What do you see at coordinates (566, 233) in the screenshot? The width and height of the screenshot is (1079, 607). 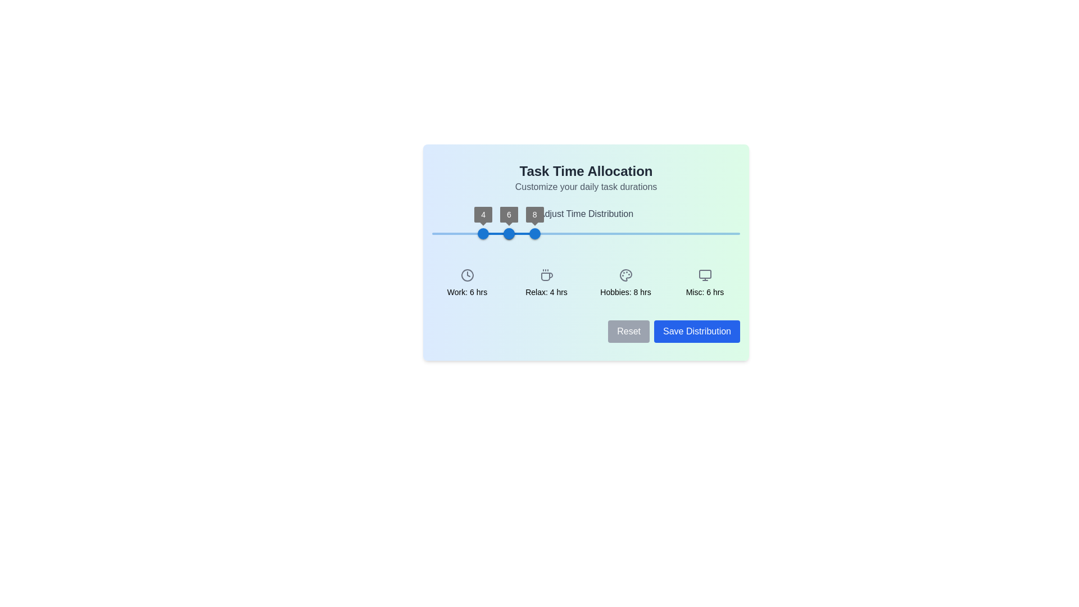 I see `the slider value` at bounding box center [566, 233].